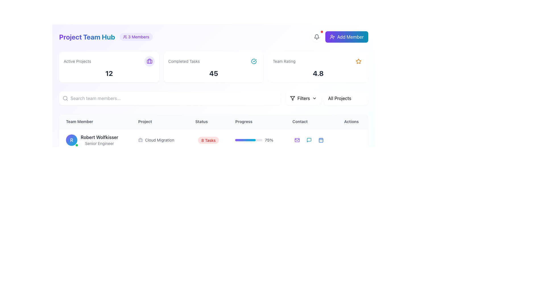 The image size is (546, 307). Describe the element at coordinates (95, 140) in the screenshot. I see `the Profile Display Component that shows the user's name and job title, located in the leftmost position of the row under the 'Team Member' column` at that location.